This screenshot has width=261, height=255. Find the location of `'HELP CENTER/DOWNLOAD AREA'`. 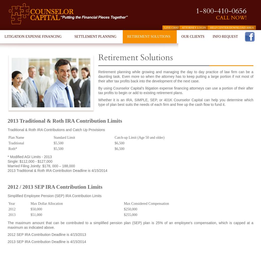

'HELP CENTER/DOWNLOAD AREA' is located at coordinates (231, 27).